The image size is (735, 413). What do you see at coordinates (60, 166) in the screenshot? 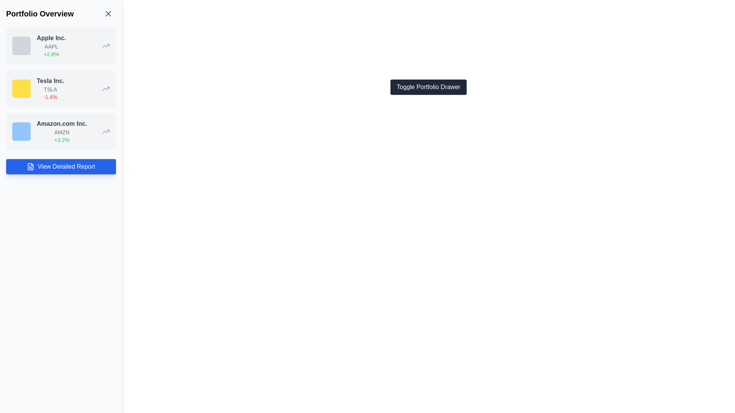
I see `the rectangular button with rounded corners and a blue background labeled 'View Detailed Report'` at bounding box center [60, 166].